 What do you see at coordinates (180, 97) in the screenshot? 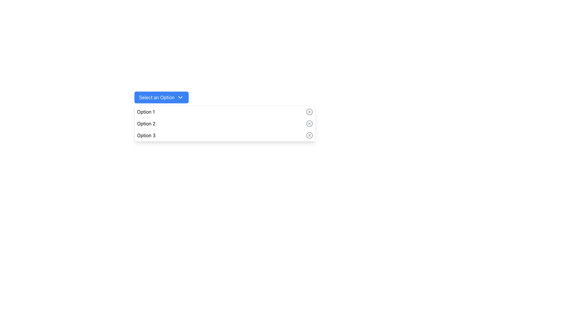
I see `the dropdown indicator icon located at the right end of the 'Select an Option' button` at bounding box center [180, 97].